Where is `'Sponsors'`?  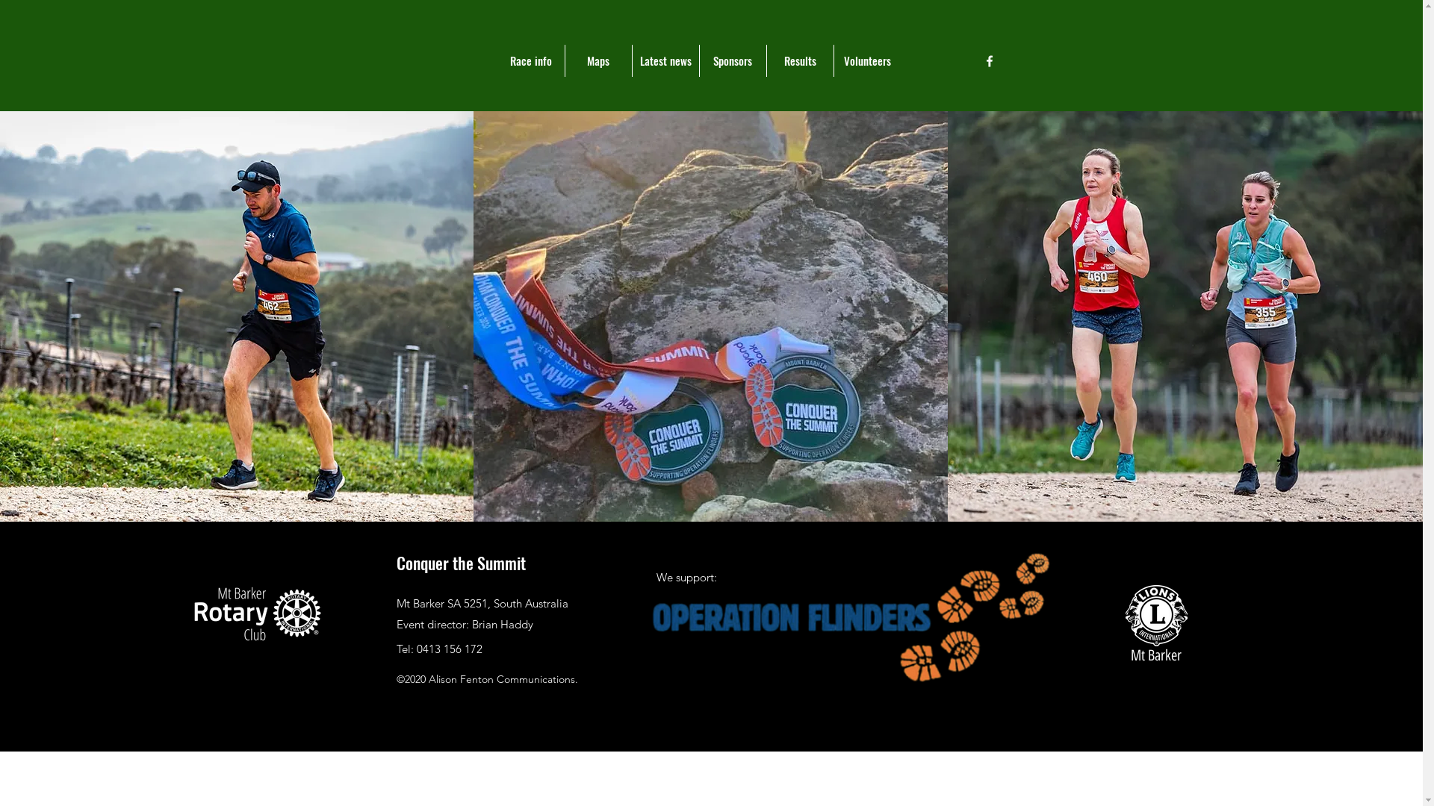 'Sponsors' is located at coordinates (732, 60).